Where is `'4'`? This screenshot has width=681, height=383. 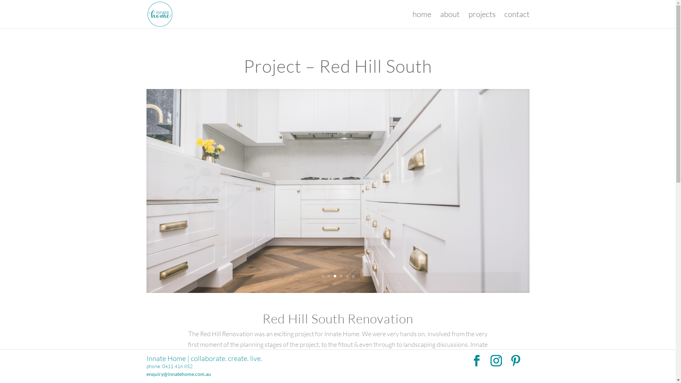
'4' is located at coordinates (341, 276).